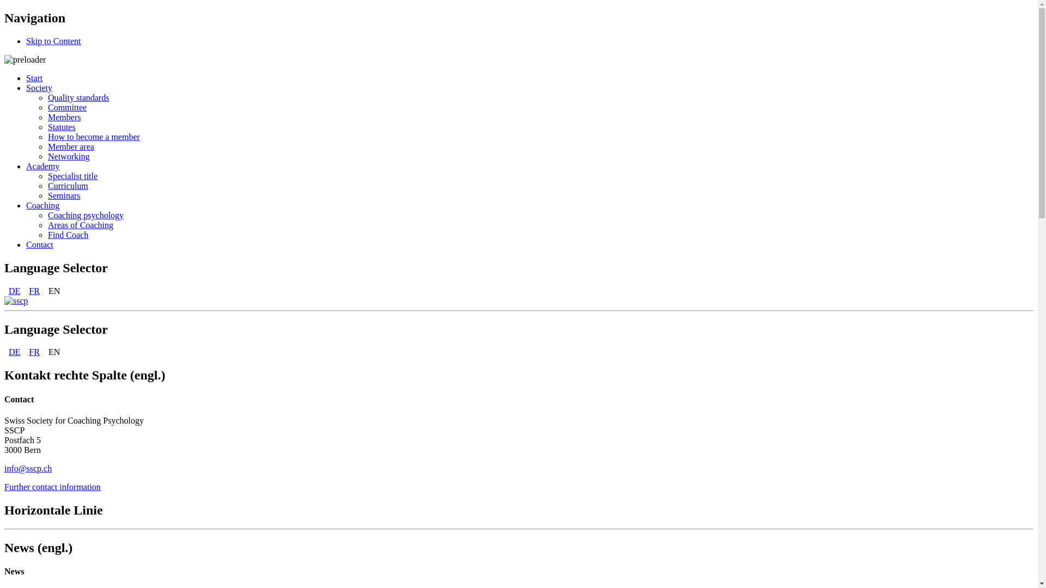 This screenshot has width=1046, height=588. Describe the element at coordinates (47, 126) in the screenshot. I see `'Statutes'` at that location.